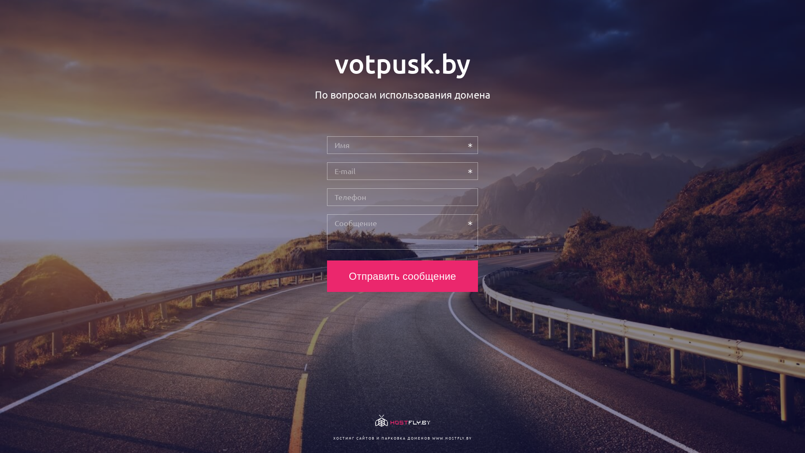 The height and width of the screenshot is (453, 805). Describe the element at coordinates (451, 437) in the screenshot. I see `'WWW.HOSTFLY.BY'` at that location.